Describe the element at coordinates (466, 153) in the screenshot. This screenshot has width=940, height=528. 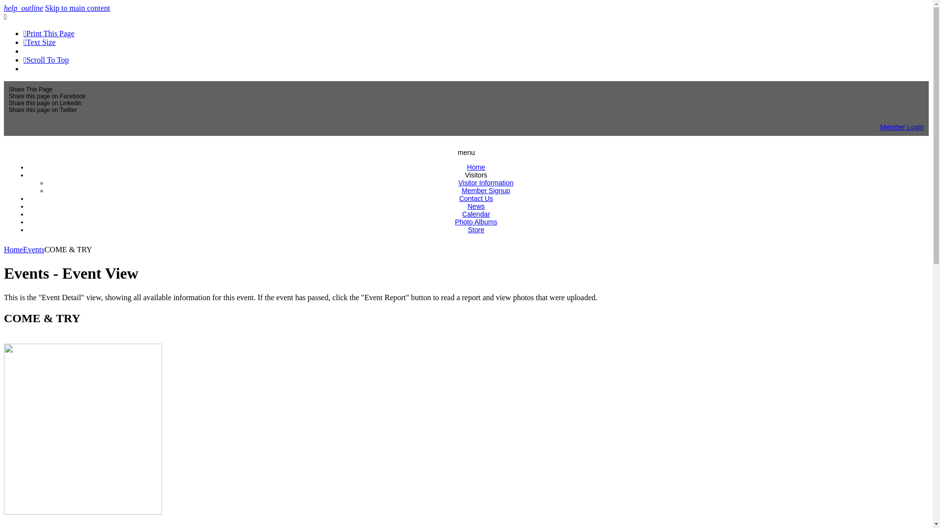
I see `'menu'` at that location.